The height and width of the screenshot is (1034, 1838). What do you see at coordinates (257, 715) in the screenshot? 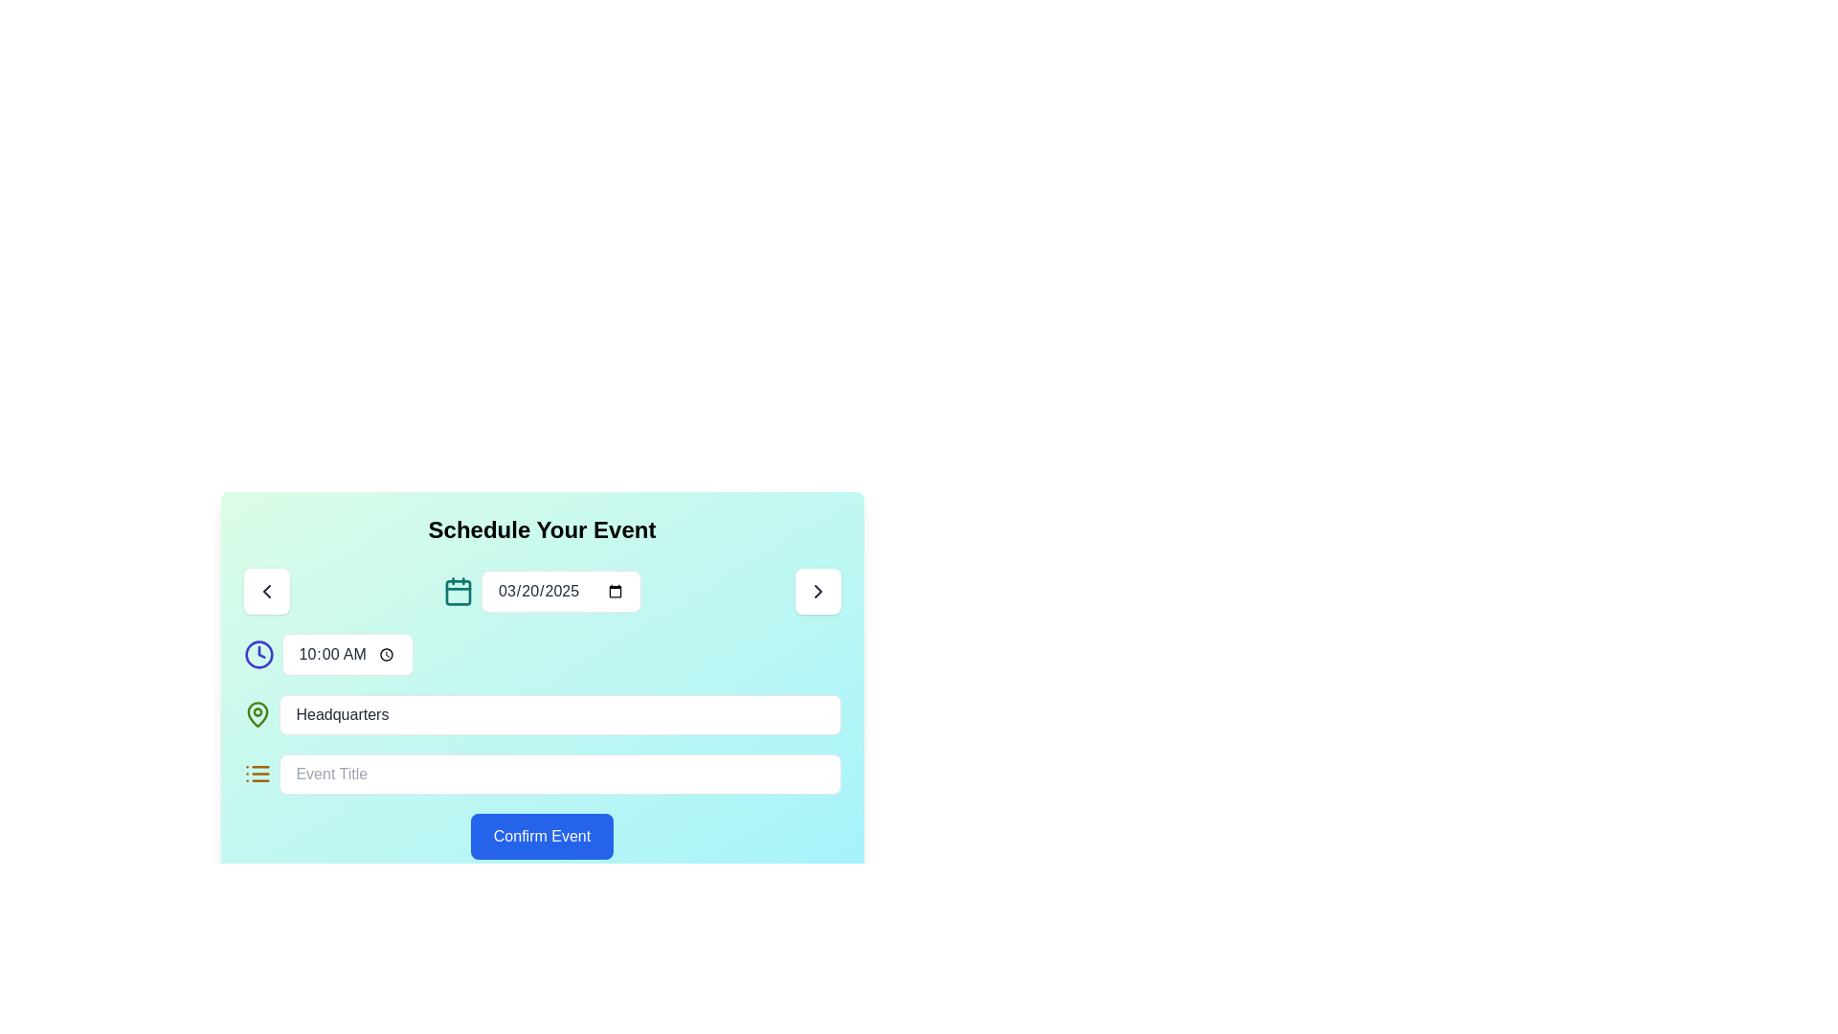
I see `the input field labeled 'Headquarters' by clicking on the location icon positioned to the left of it` at bounding box center [257, 715].